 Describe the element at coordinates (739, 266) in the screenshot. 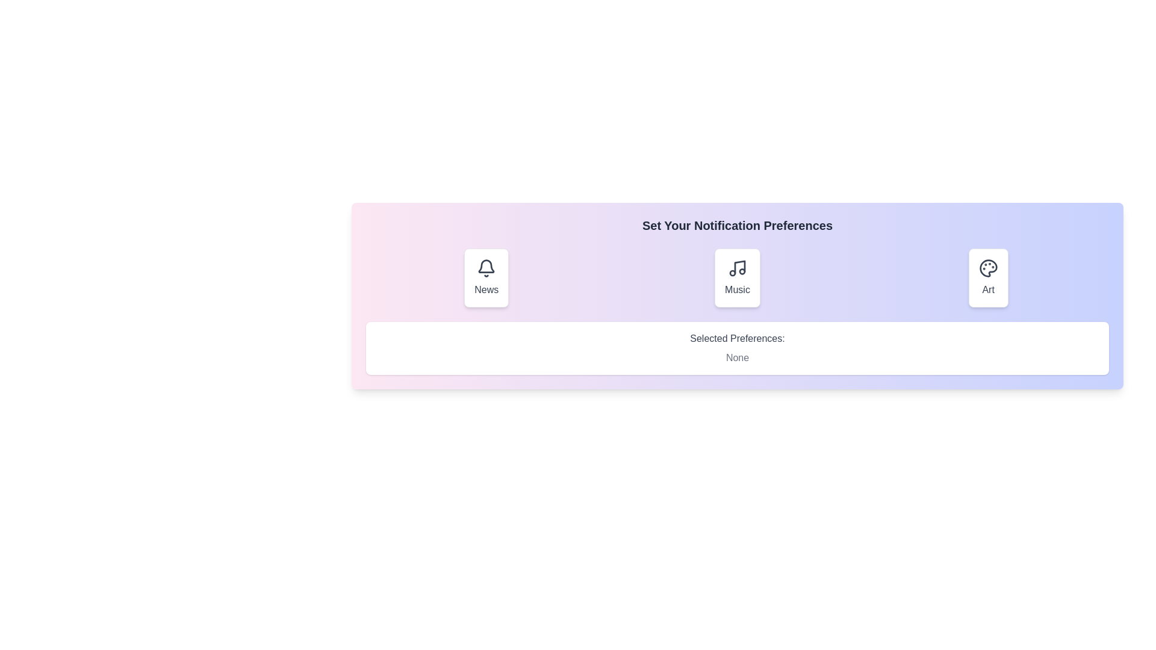

I see `the vertical line of the music icon, which is part of the note-like figure in the center of the interface` at that location.